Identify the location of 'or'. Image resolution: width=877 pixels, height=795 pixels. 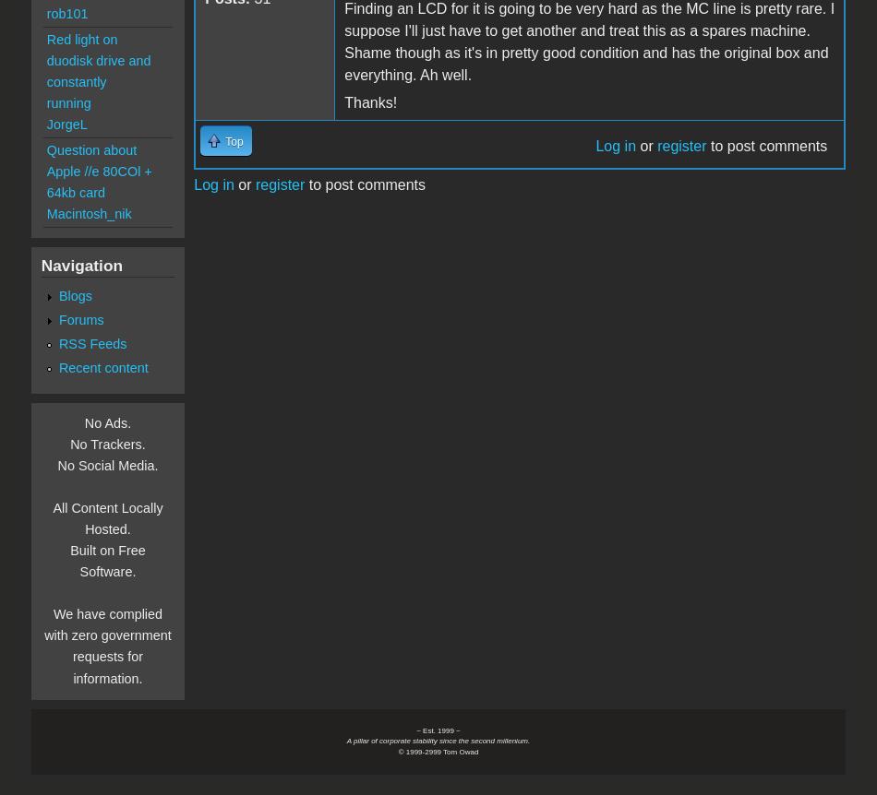
(243, 184).